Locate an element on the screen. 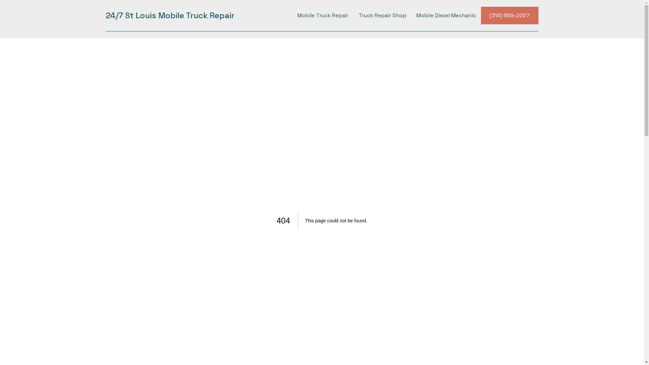 This screenshot has height=365, width=649. 'Mobile Diesel Mechanic' is located at coordinates (446, 15).